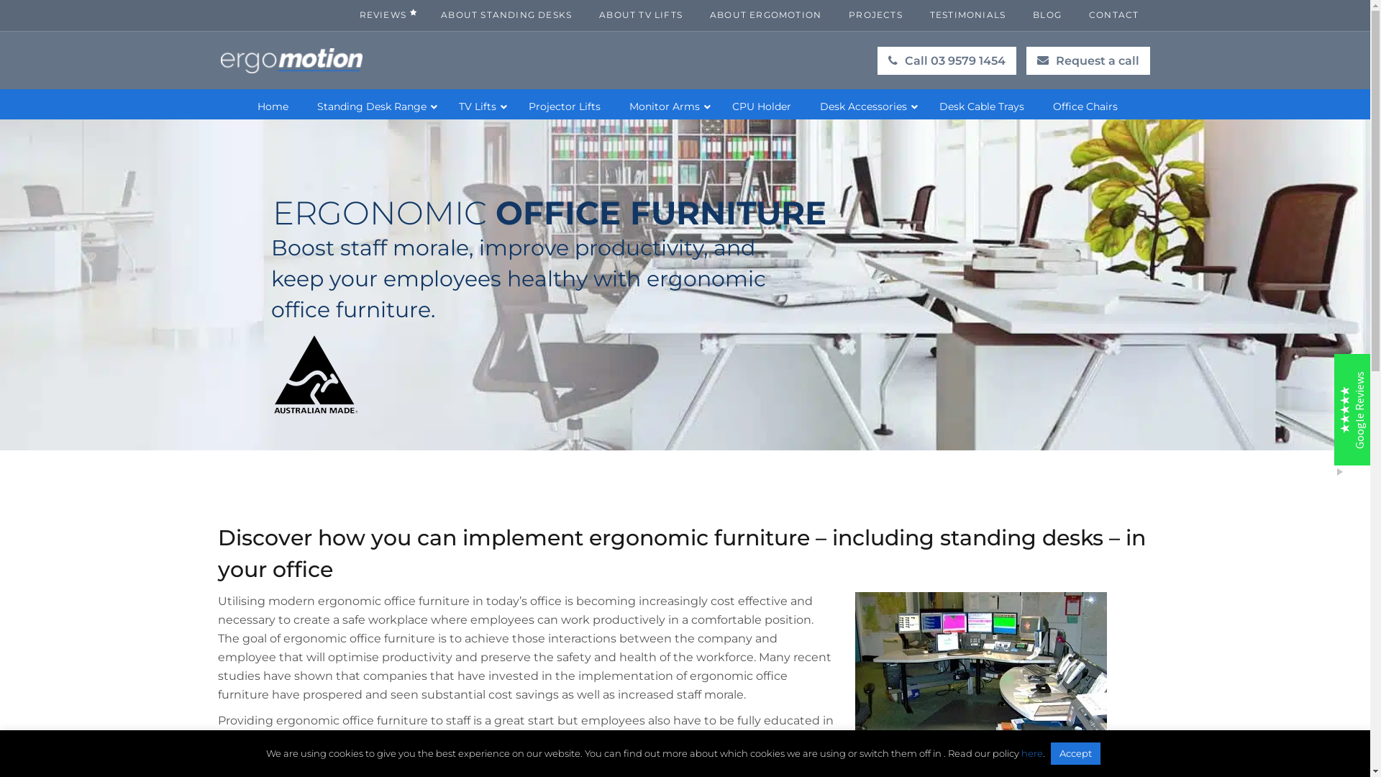 This screenshot has height=777, width=1381. I want to click on 'Call 03 9579 1454', so click(876, 60).